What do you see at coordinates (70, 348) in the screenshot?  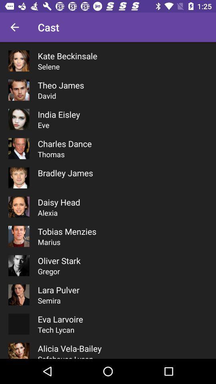 I see `alicia vela-bailey icon` at bounding box center [70, 348].